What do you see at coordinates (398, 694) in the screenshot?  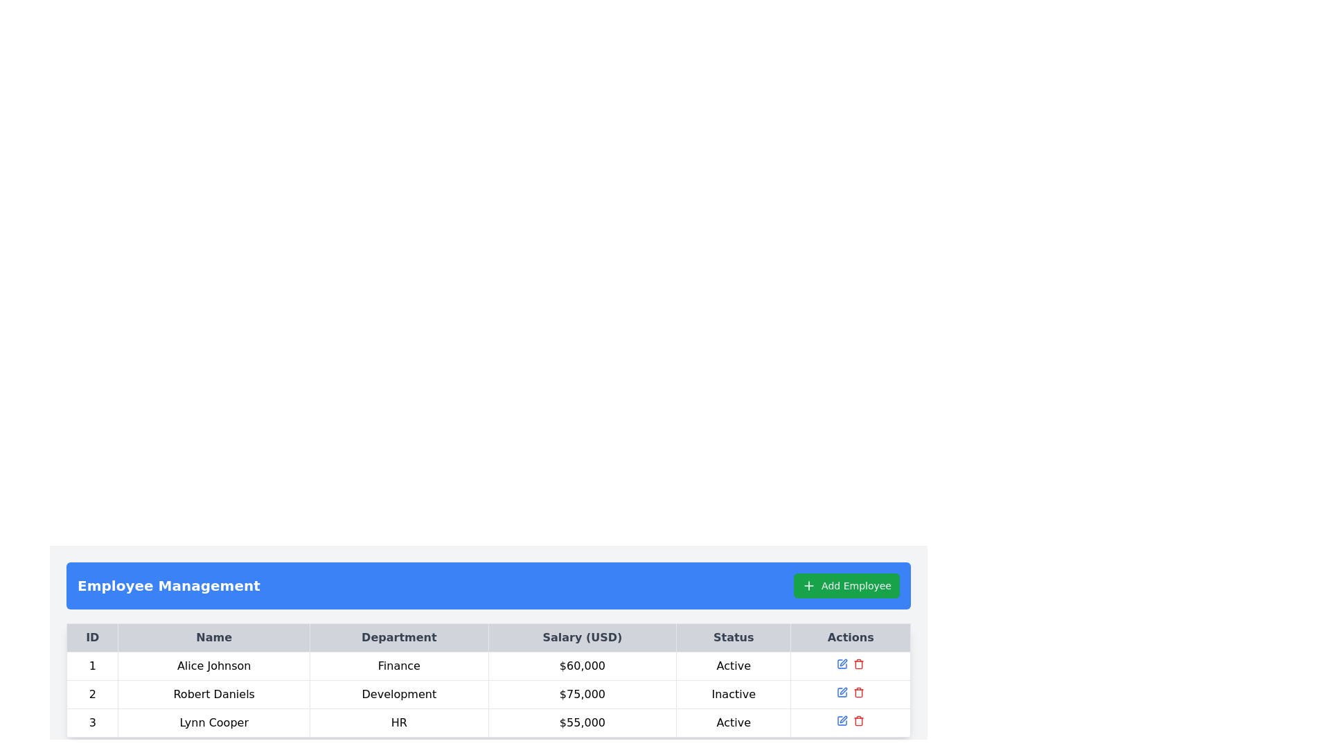 I see `the non-interactive text display that shows the department of 'Robert Daniels' in the table` at bounding box center [398, 694].